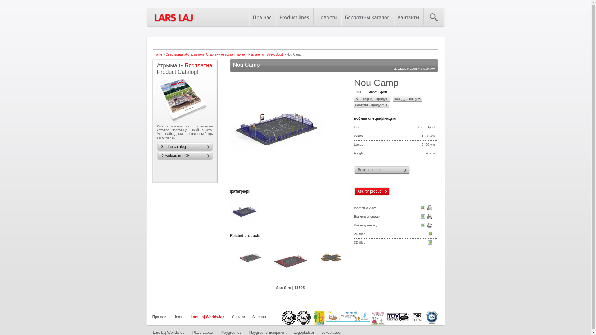 The image size is (596, 335). What do you see at coordinates (158, 54) in the screenshot?
I see `'home'` at bounding box center [158, 54].